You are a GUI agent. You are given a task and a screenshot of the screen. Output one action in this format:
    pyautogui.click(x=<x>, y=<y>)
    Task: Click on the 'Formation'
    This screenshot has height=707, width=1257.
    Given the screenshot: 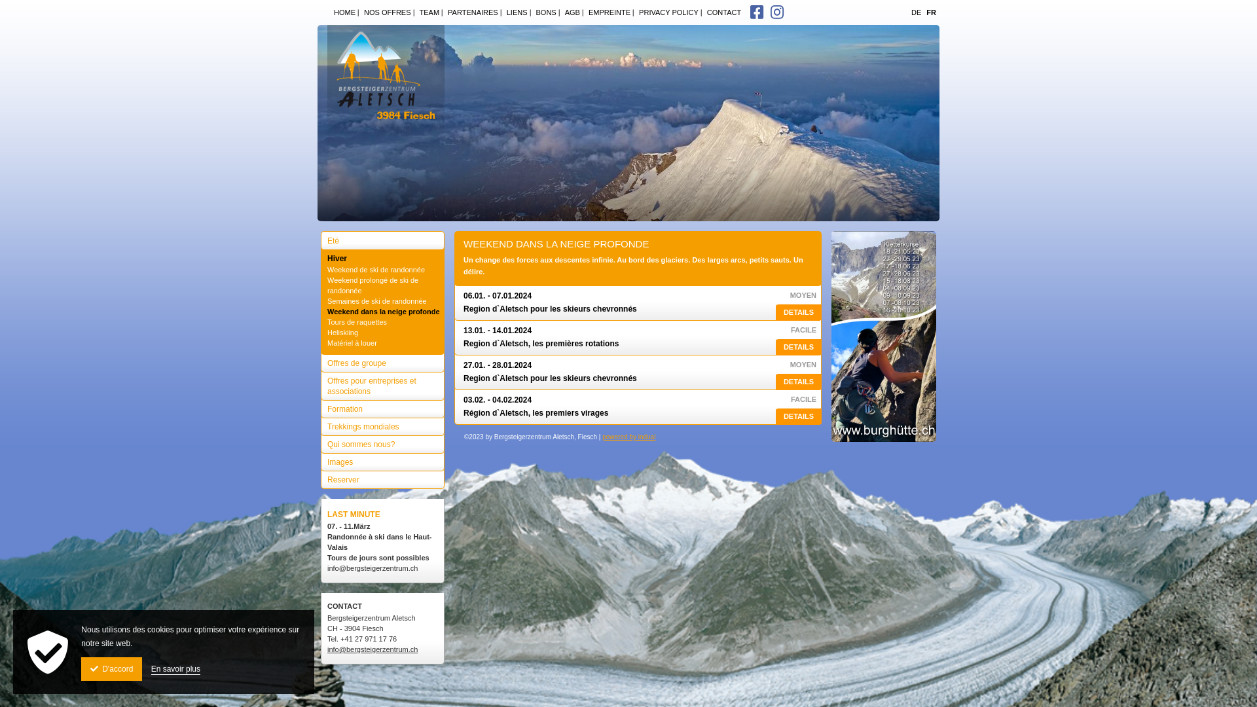 What is the action you would take?
    pyautogui.click(x=382, y=405)
    